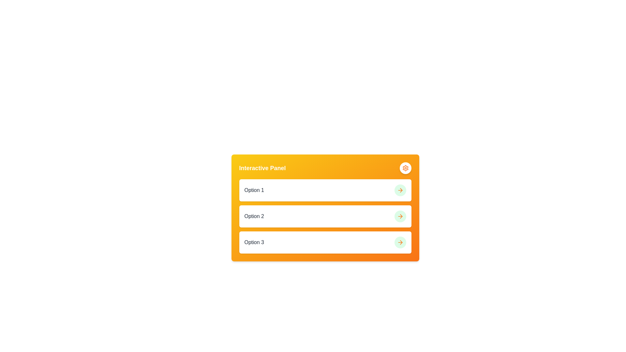 The width and height of the screenshot is (626, 352). What do you see at coordinates (405, 168) in the screenshot?
I see `the Settings Icon located at the top right corner of the panel` at bounding box center [405, 168].